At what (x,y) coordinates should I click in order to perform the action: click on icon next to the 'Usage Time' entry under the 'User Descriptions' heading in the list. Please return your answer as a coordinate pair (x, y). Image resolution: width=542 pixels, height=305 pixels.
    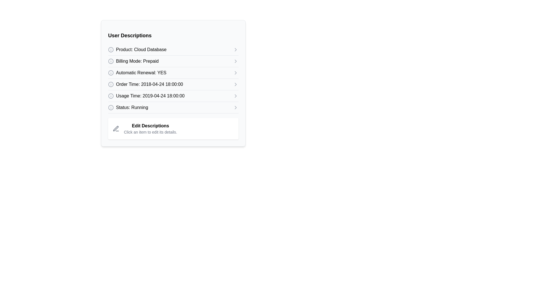
    Looking at the image, I should click on (111, 95).